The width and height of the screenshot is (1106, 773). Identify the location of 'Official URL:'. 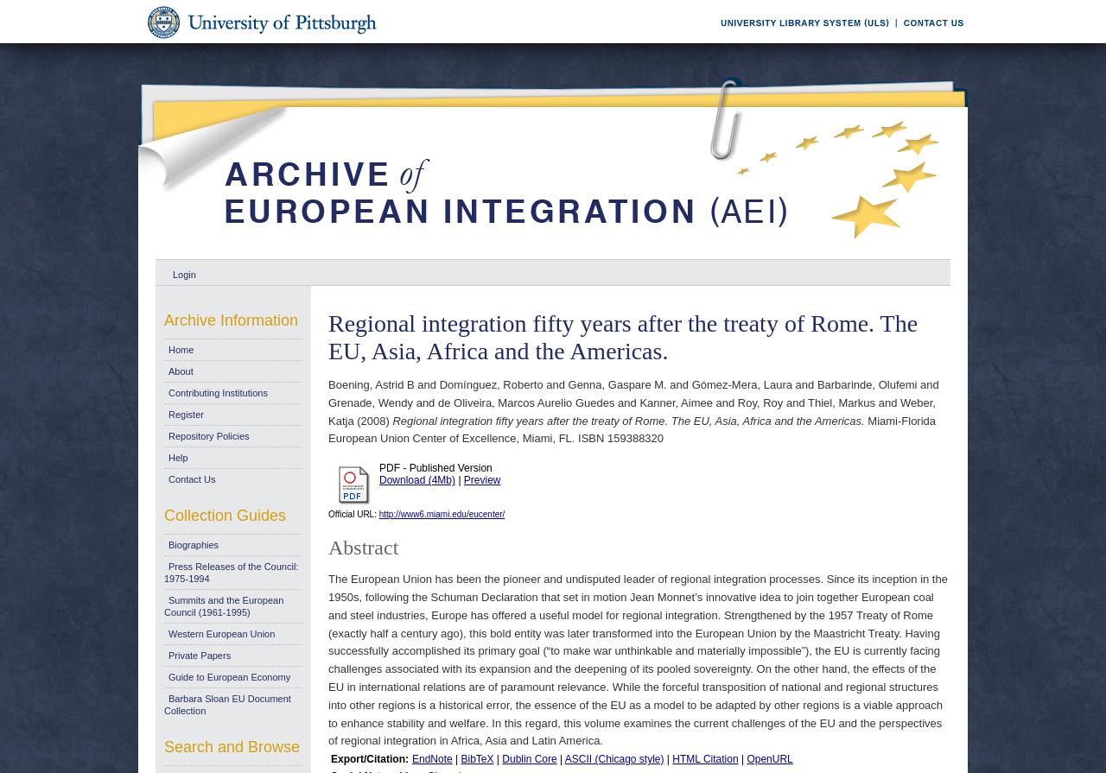
(352, 513).